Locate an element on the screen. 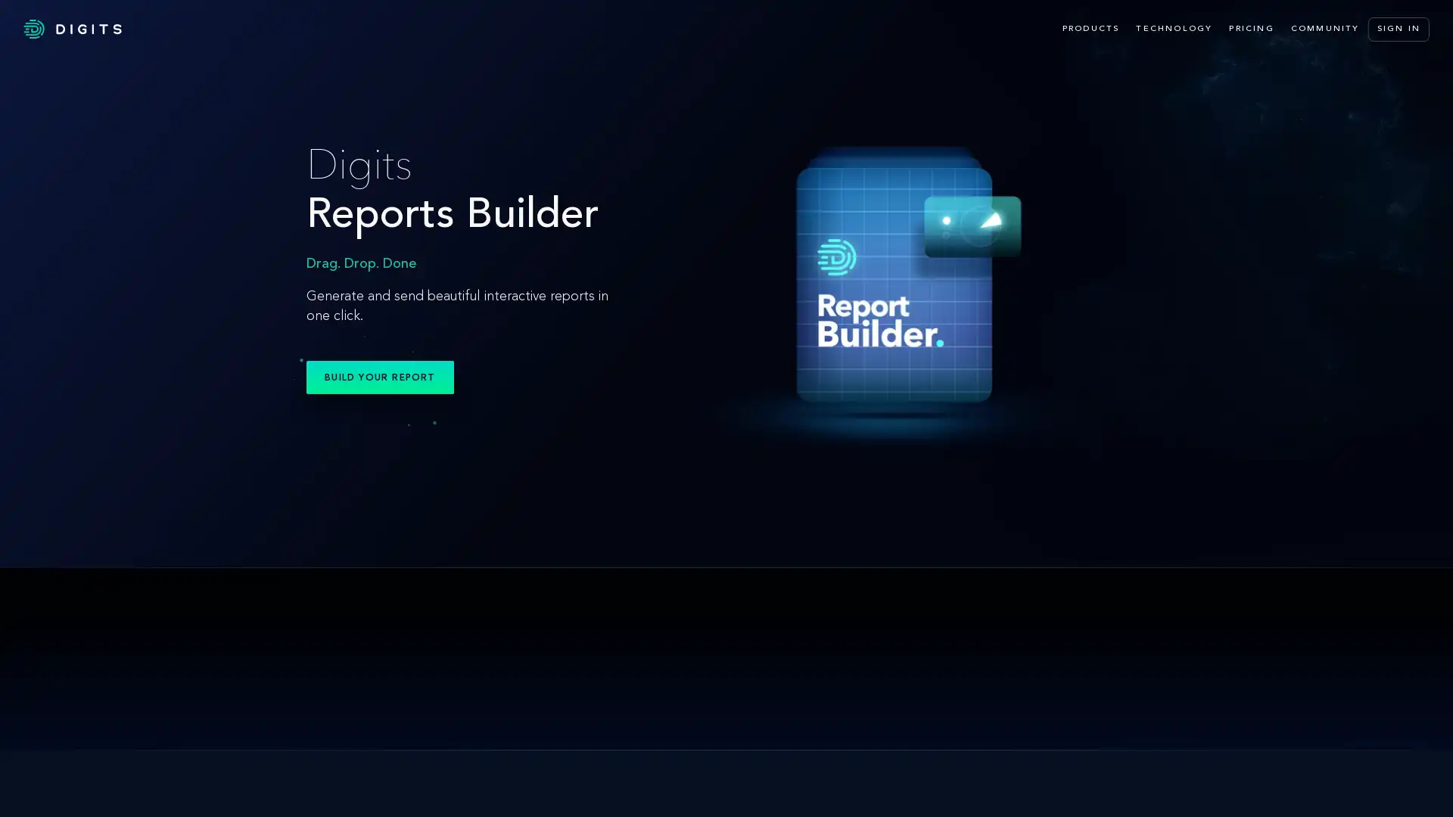  Digits Search is located at coordinates (726, 471).